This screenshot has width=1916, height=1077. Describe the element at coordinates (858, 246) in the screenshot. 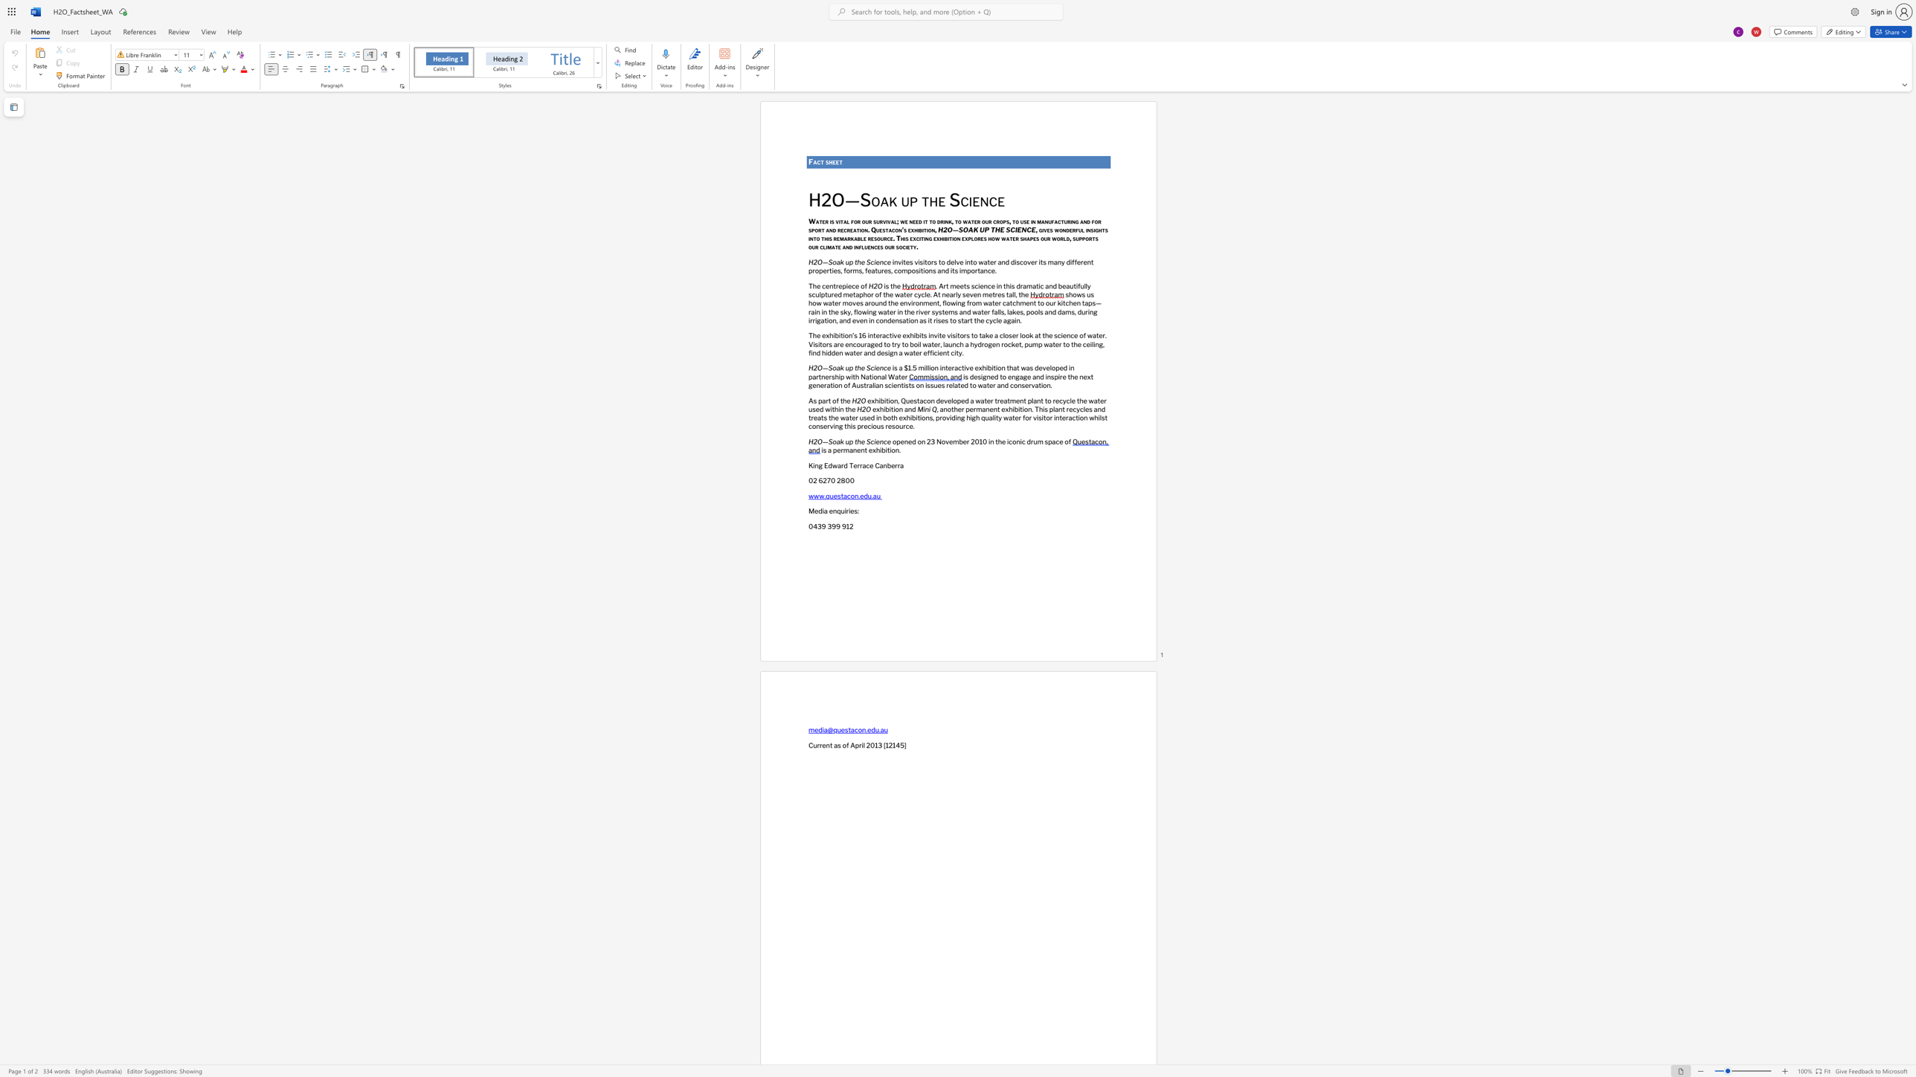

I see `the subset text "flue" within the text "and influences our society."` at that location.